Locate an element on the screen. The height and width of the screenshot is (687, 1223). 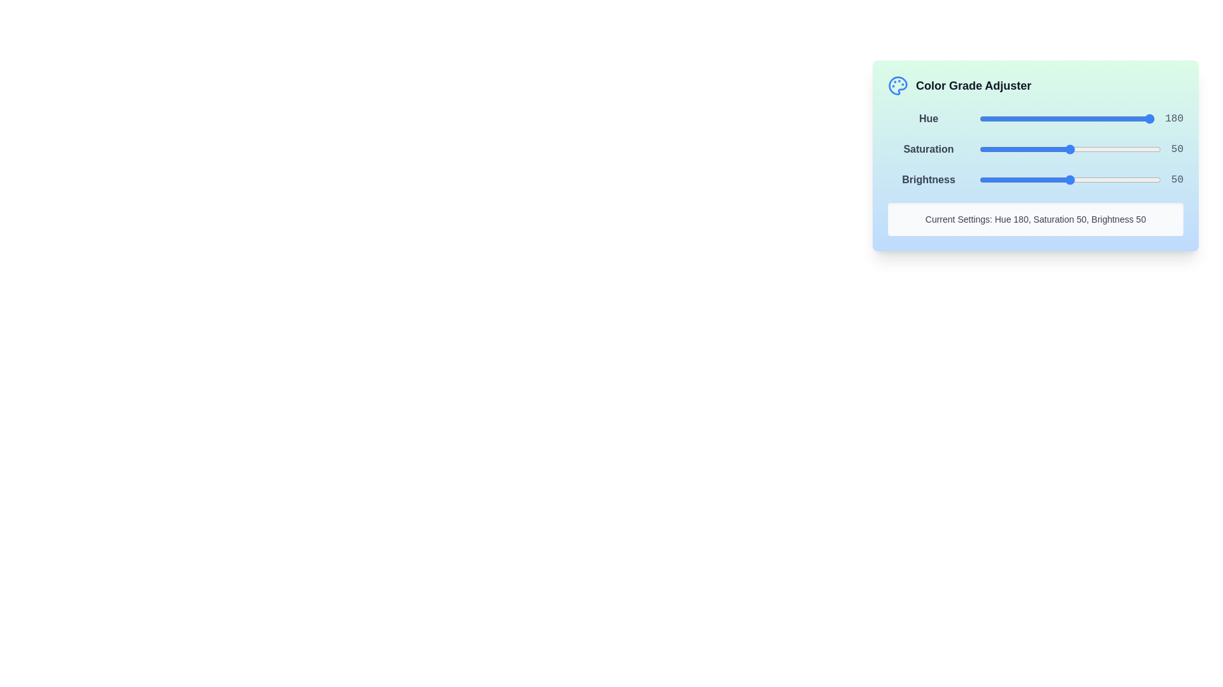
the brightness slider to set the brightness to 53% is located at coordinates (1075, 179).